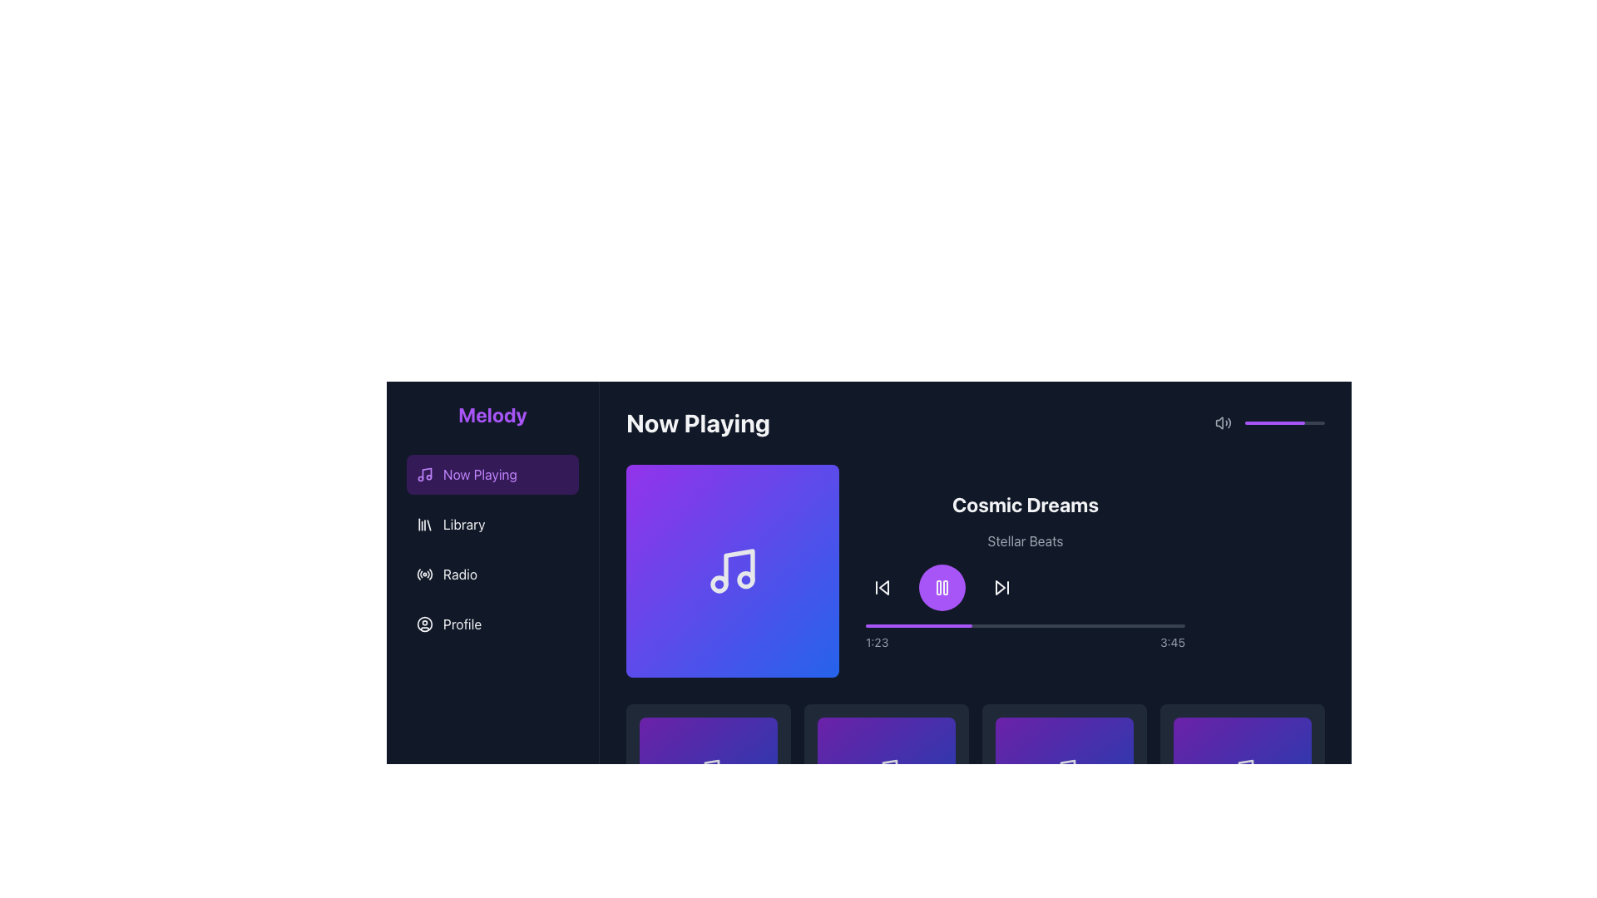 Image resolution: width=1597 pixels, height=898 pixels. Describe the element at coordinates (1025, 503) in the screenshot. I see `the text element displaying 'Cosmic Dreams' in bold, large white font on a dark background, positioned on the right side above 'Stellar Beats'` at that location.